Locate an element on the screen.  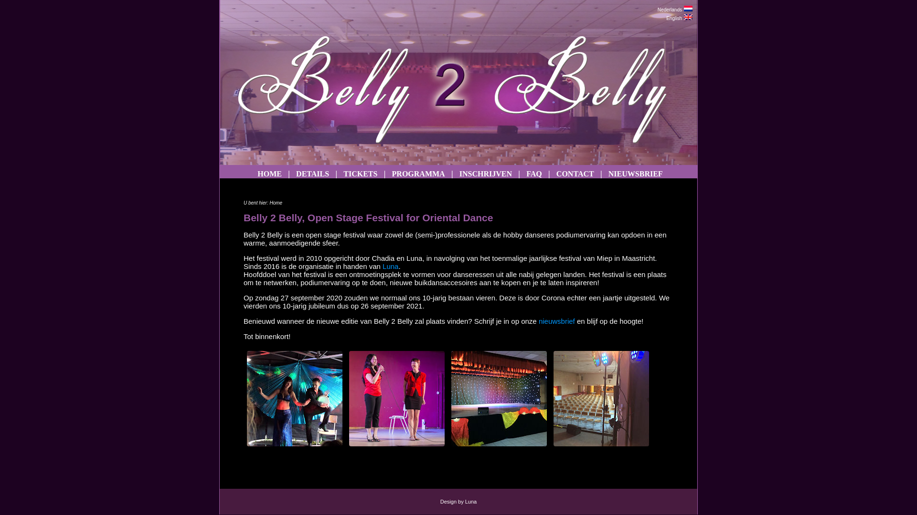
'INSCHRIJVEN' is located at coordinates (485, 174).